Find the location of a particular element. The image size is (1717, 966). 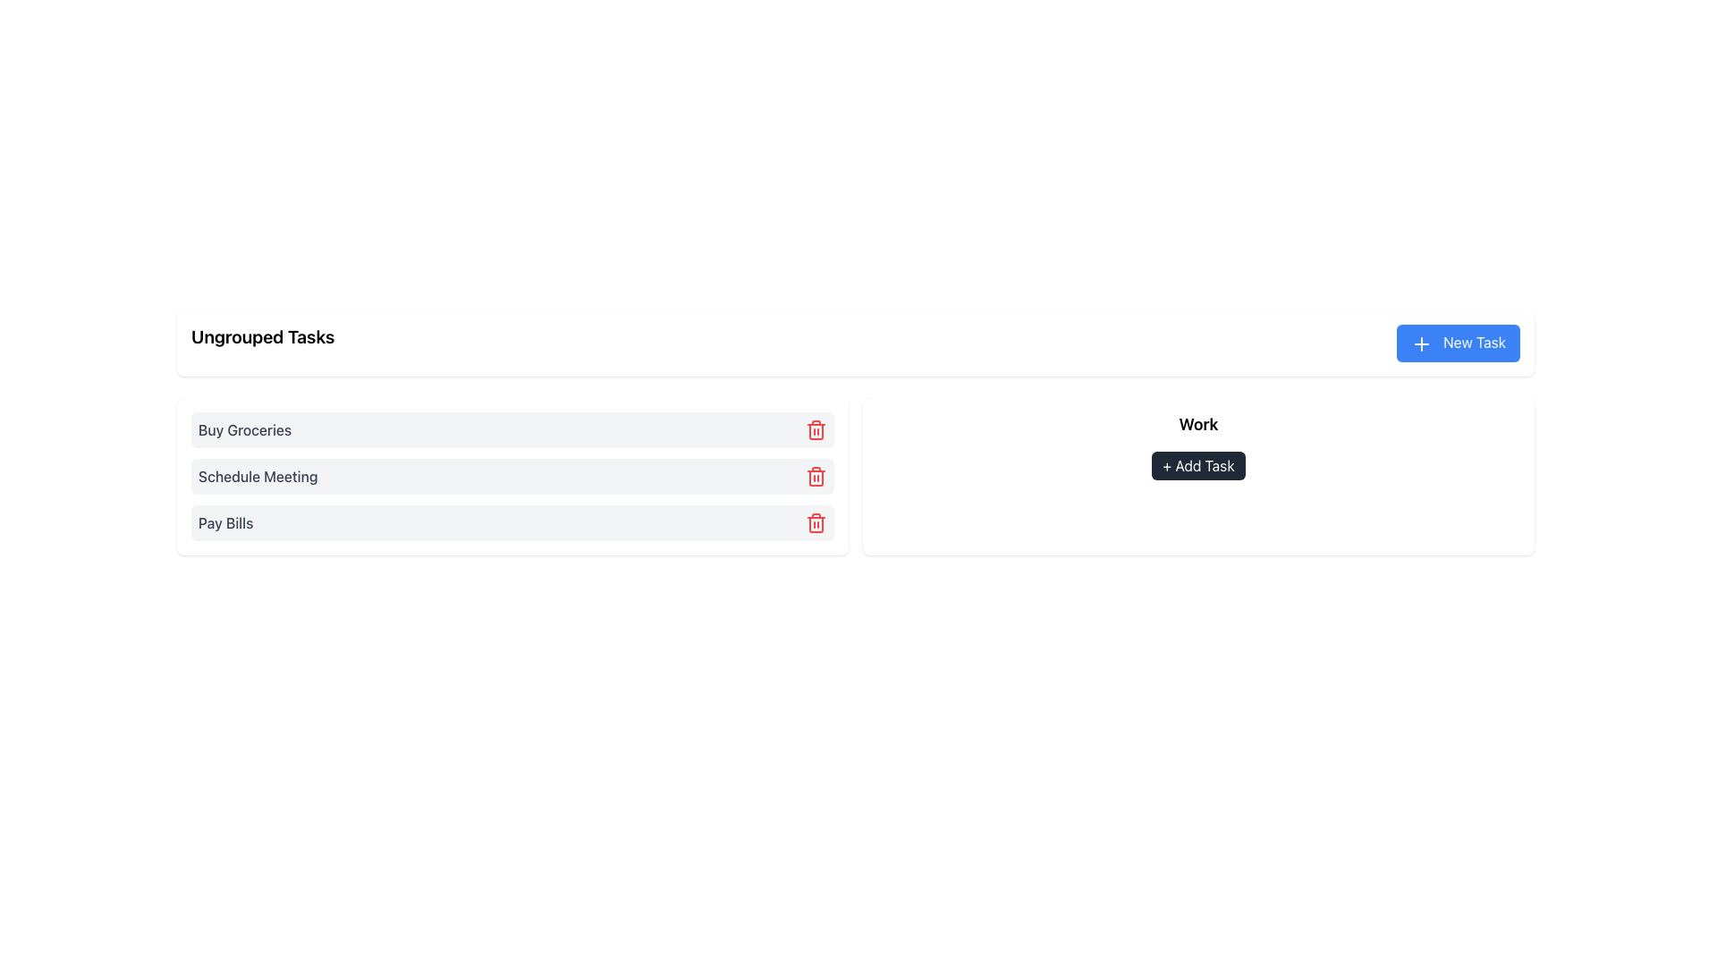

the red outlined trash can icon is located at coordinates (815, 428).